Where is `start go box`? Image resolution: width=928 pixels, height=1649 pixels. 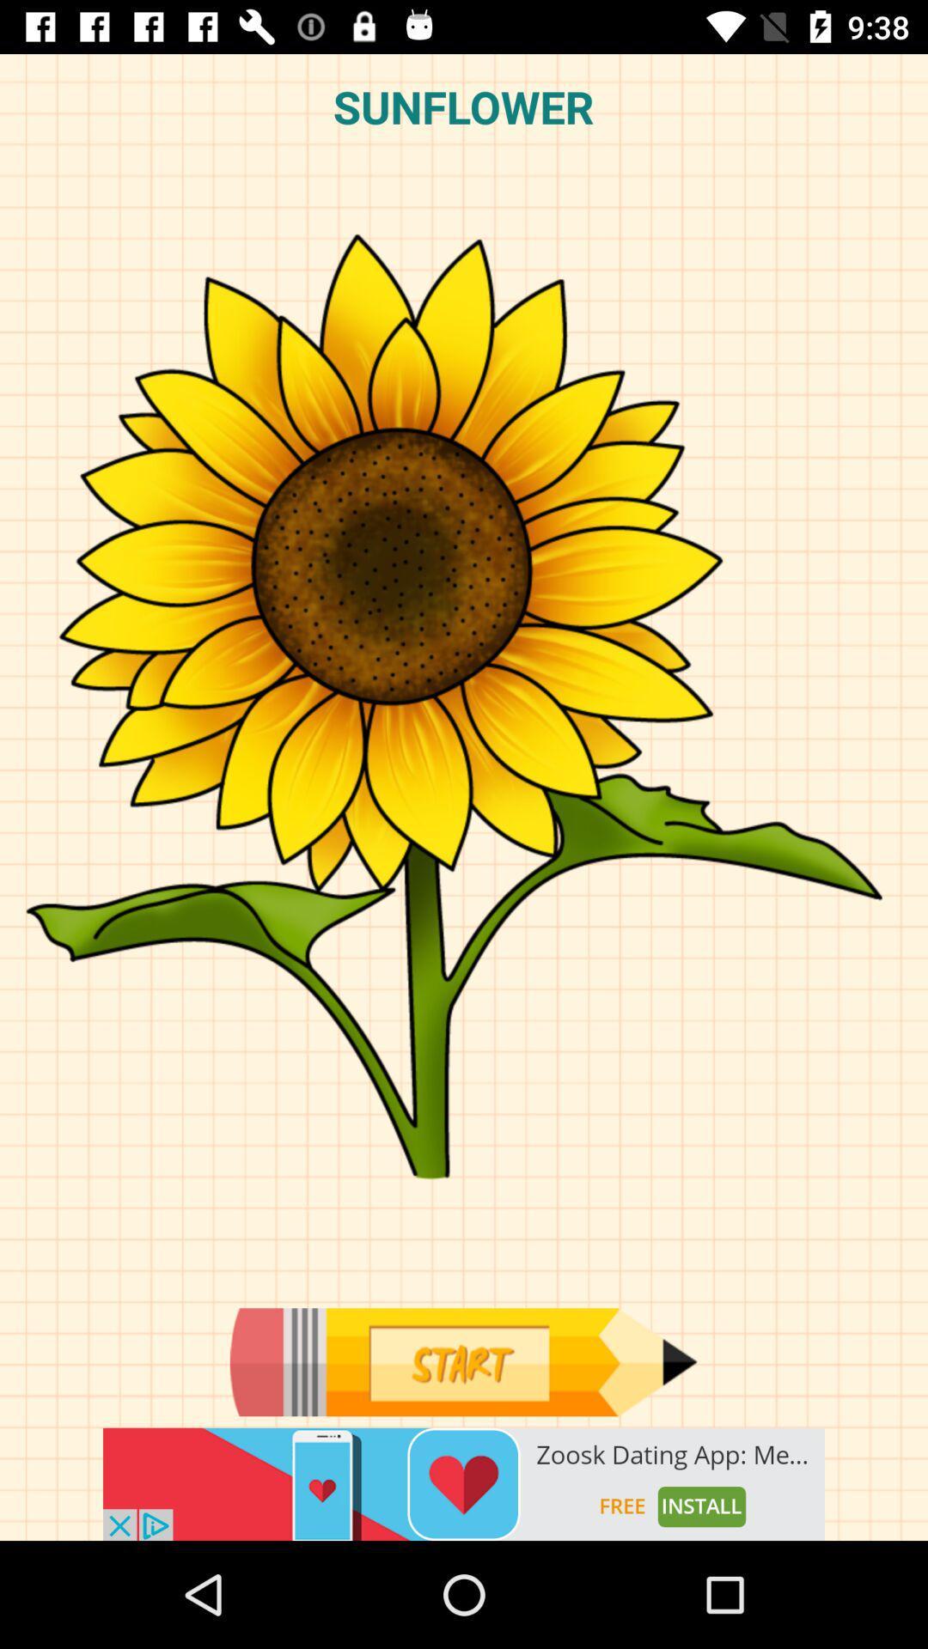
start go box is located at coordinates (462, 1361).